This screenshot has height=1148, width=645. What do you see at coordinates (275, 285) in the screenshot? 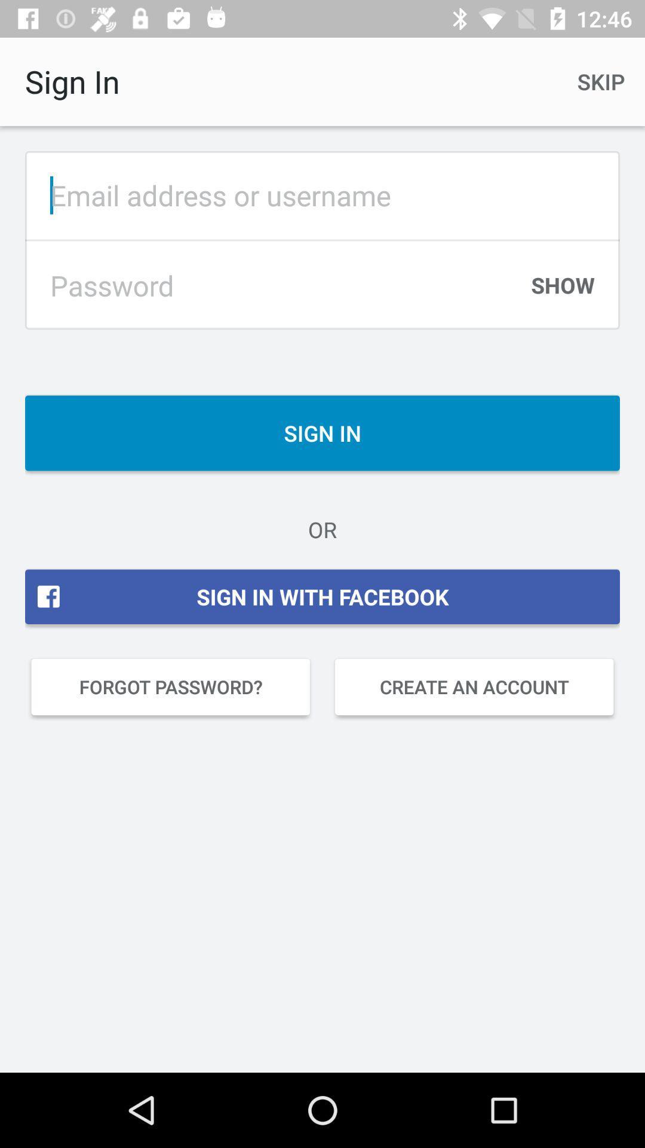
I see `type password` at bounding box center [275, 285].